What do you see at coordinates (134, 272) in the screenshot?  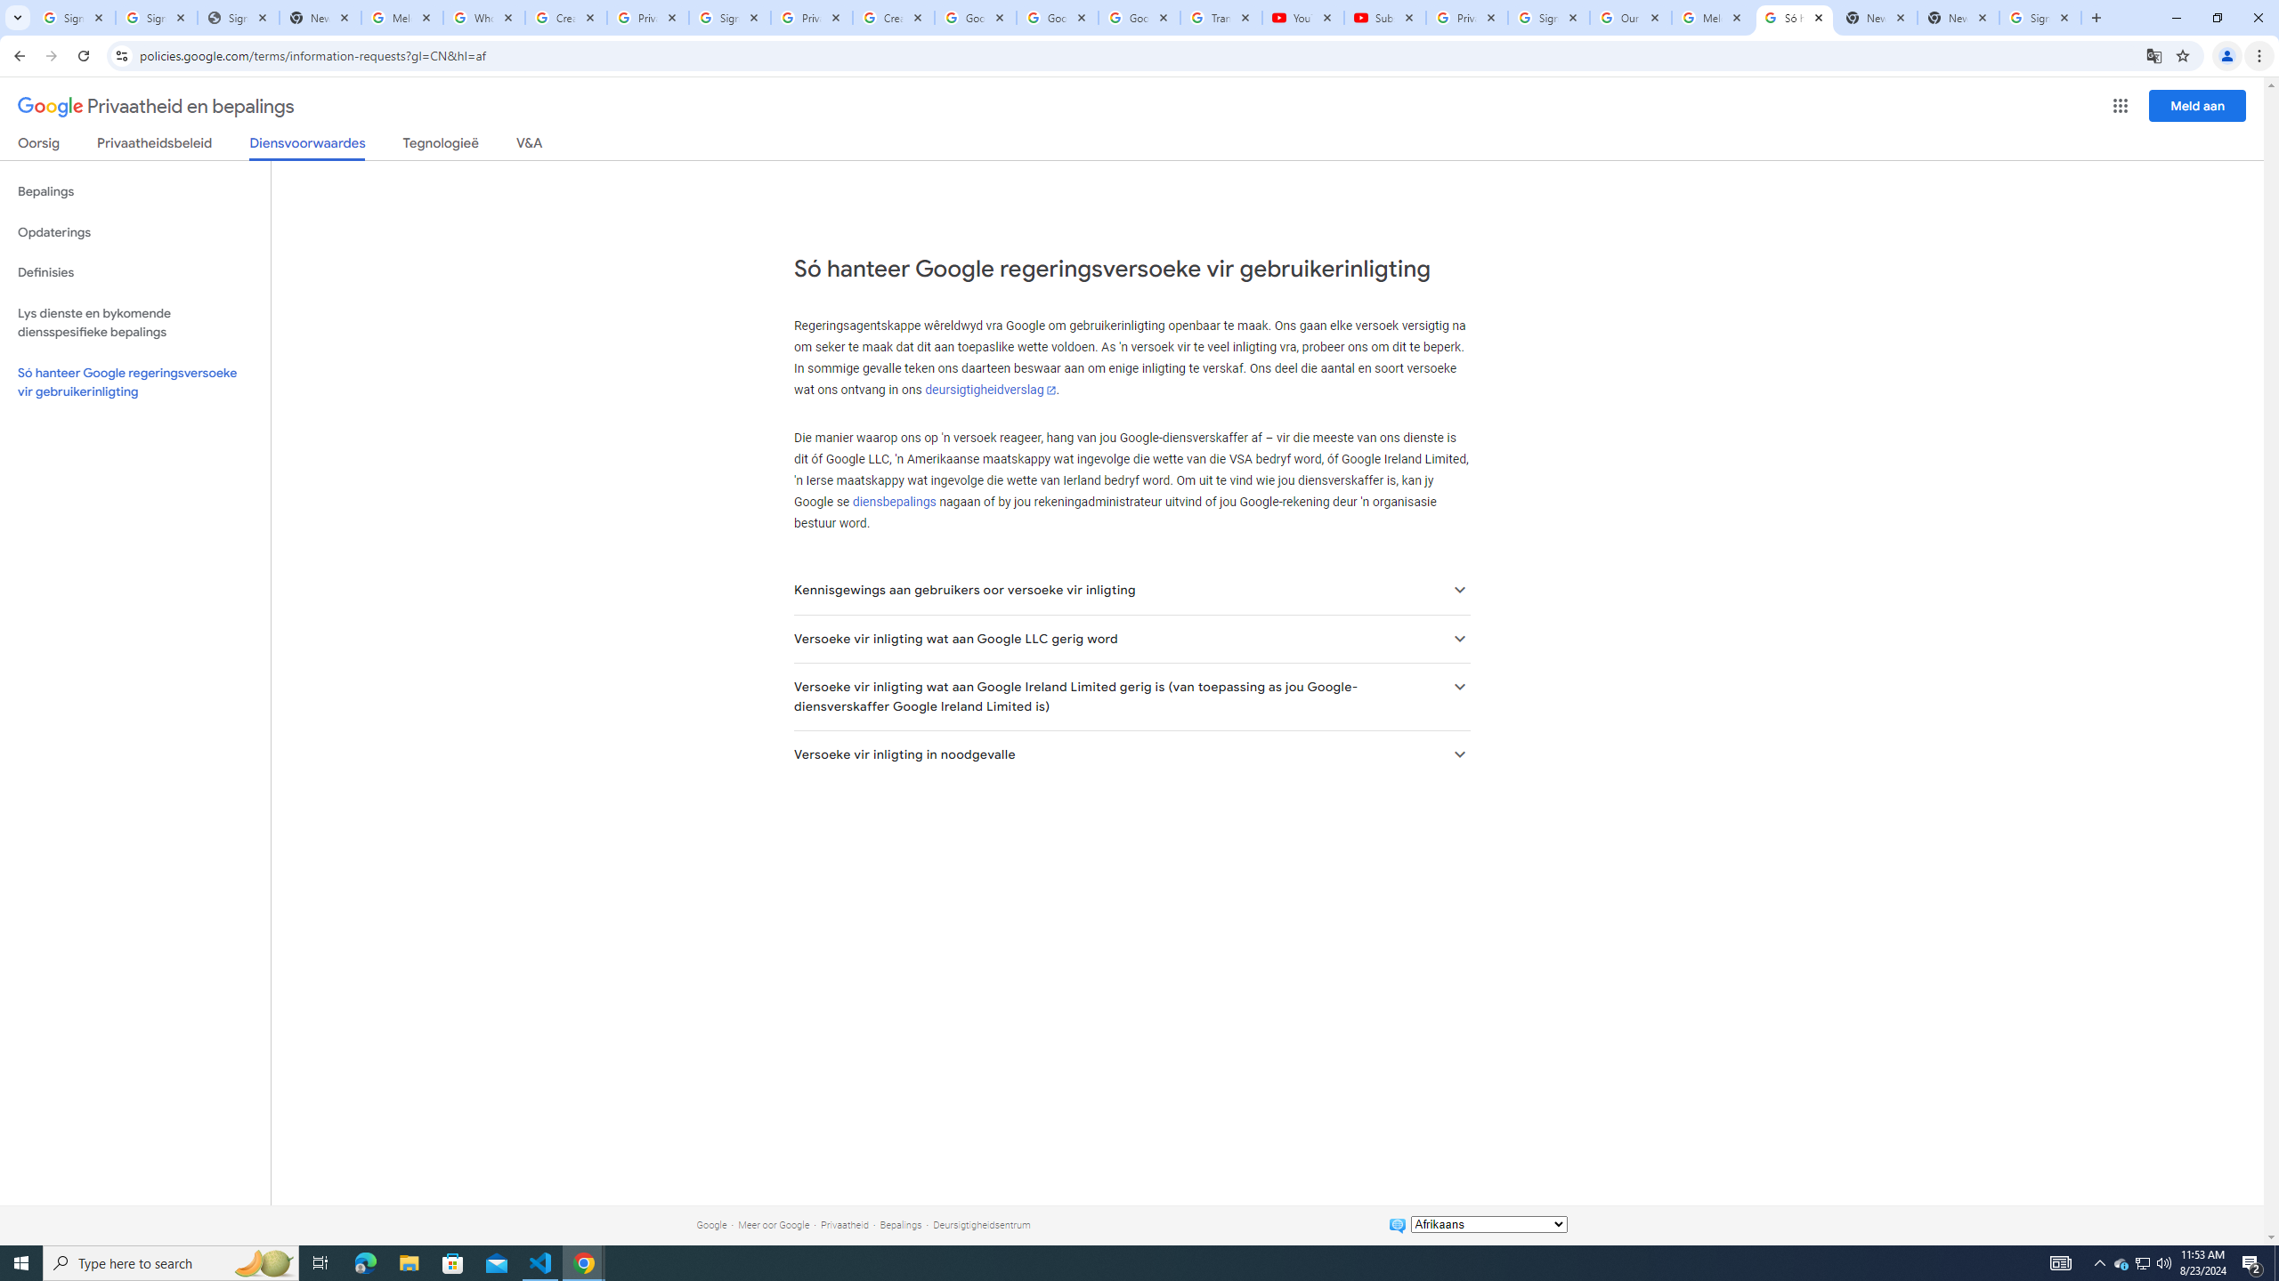 I see `'Definisies'` at bounding box center [134, 272].